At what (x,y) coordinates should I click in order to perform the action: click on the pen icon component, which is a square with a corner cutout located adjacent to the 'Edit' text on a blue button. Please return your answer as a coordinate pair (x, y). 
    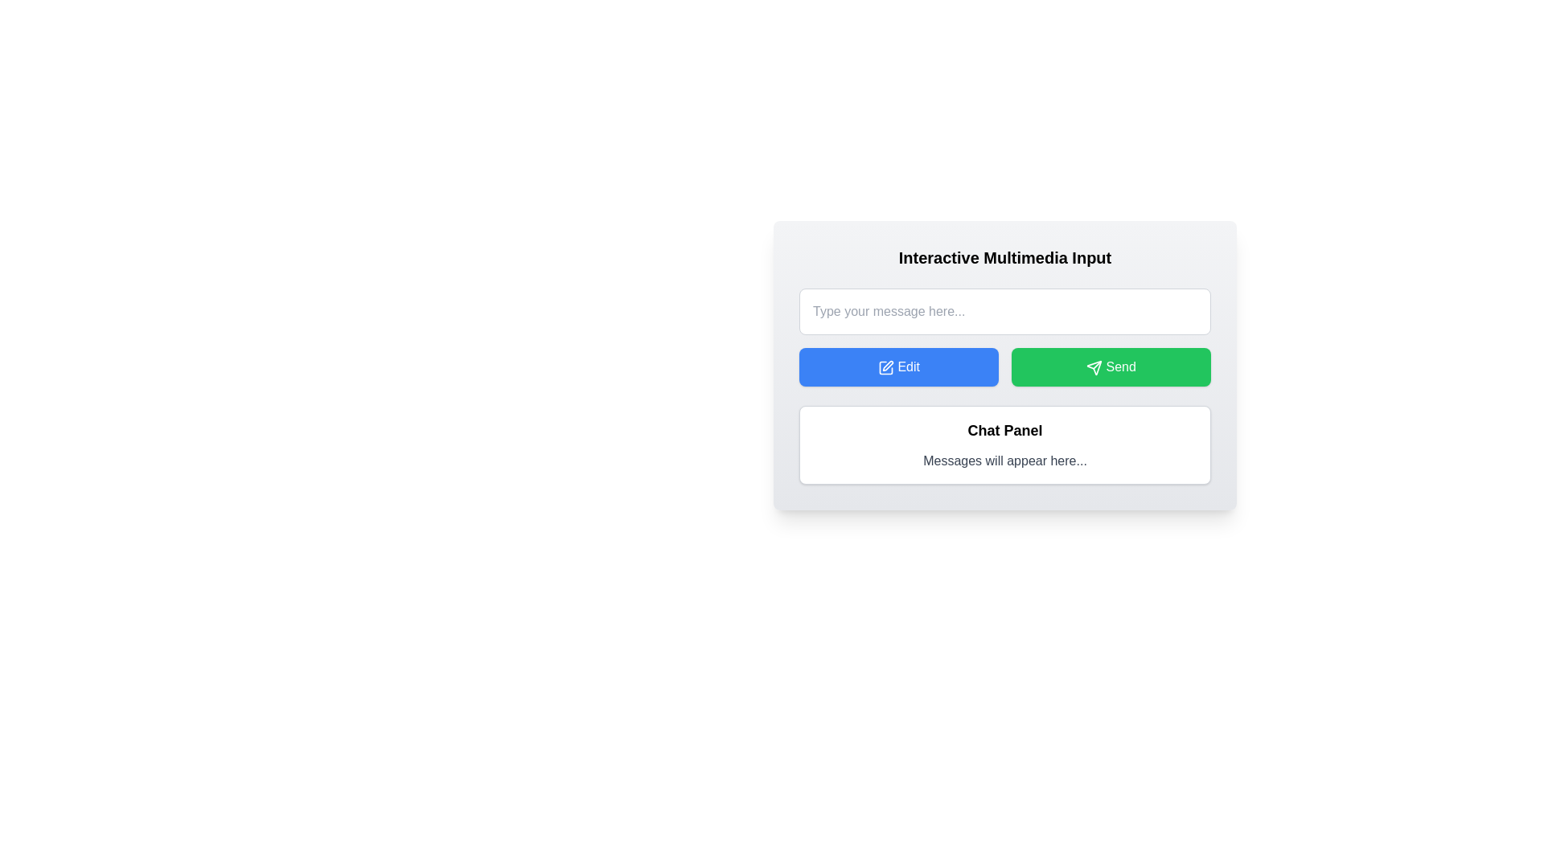
    Looking at the image, I should click on (885, 367).